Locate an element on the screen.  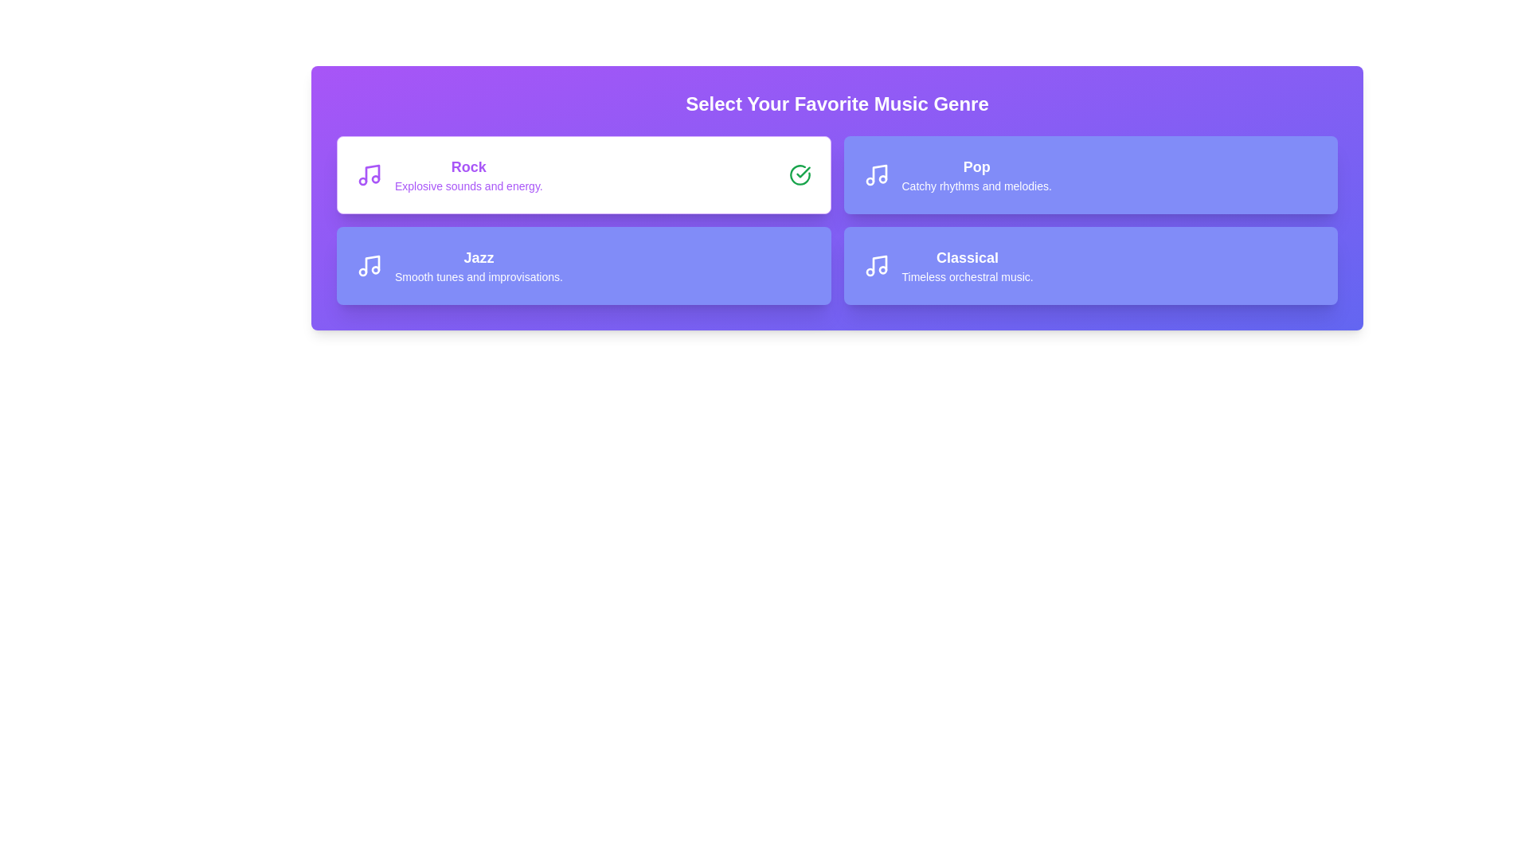
the 'Rock' genre icon located on the left side of the card in the top-left quadrant of the card grid is located at coordinates (369, 174).